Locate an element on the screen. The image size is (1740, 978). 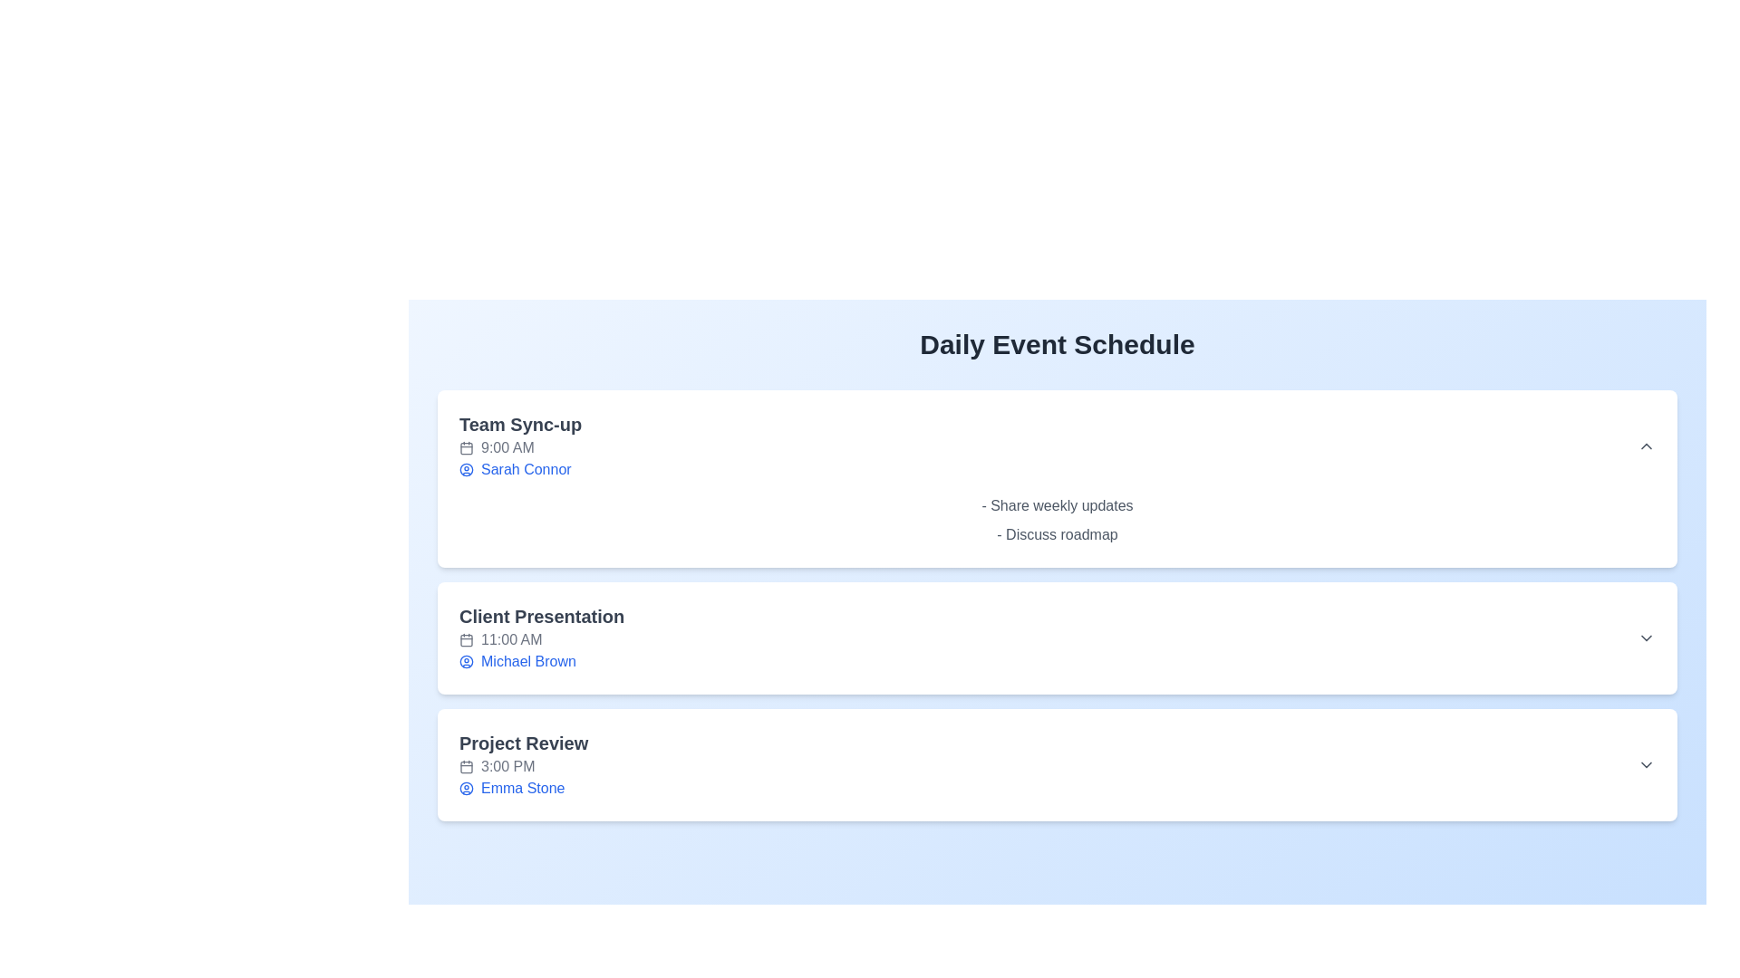
the circular user profile icon with a thin stroke line, which is part of the 'lucide lucide-circle-user' SVG component and is located next to the text 'Sarah Connor' in the 'Team Sync-up' event card is located at coordinates (466, 662).